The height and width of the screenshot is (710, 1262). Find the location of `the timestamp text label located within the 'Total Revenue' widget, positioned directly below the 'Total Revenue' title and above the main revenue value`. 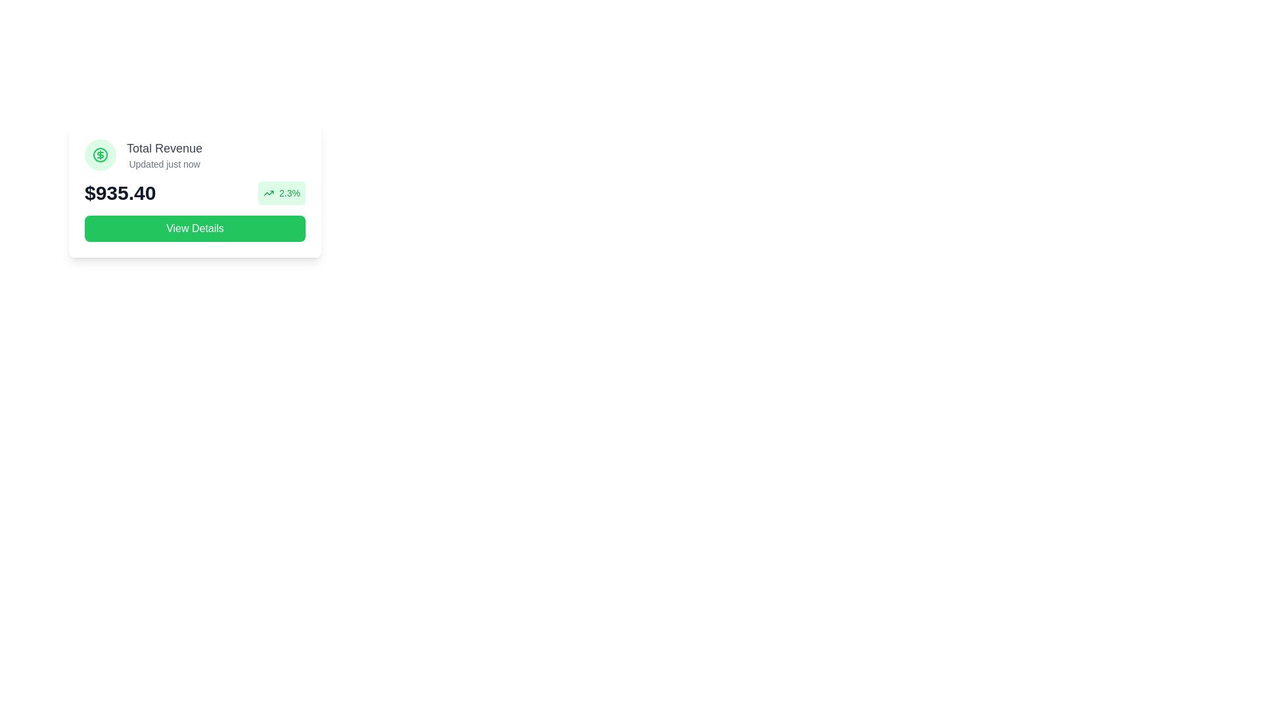

the timestamp text label located within the 'Total Revenue' widget, positioned directly below the 'Total Revenue' title and above the main revenue value is located at coordinates (164, 164).